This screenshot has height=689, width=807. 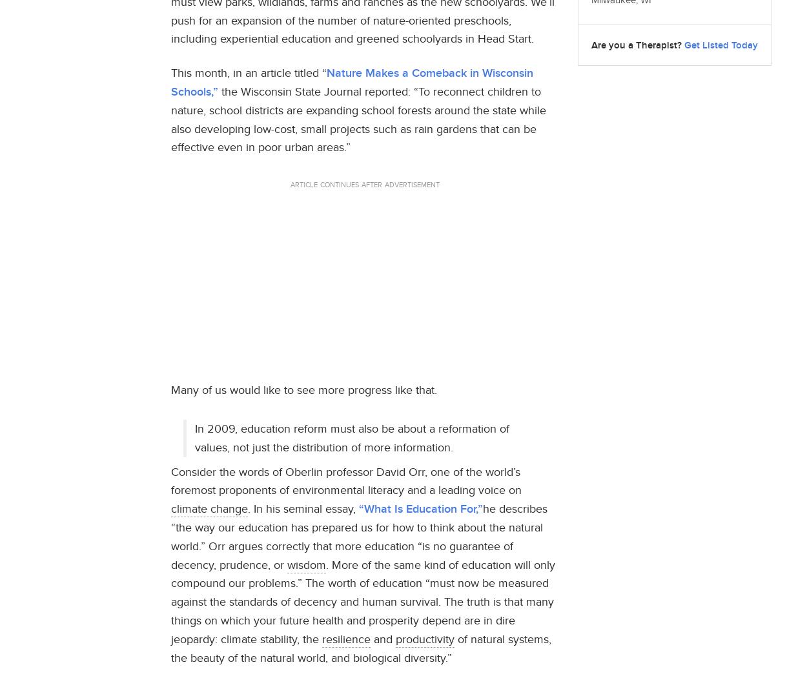 What do you see at coordinates (363, 601) in the screenshot?
I see `'. More of the same kind of education will only compound our problems.” The worth of education “must now be measured against the standards of decency and human survival. The truth is that many things on which your future health and prosperity depend are in dire jeopardy: climate stability, the'` at bounding box center [363, 601].